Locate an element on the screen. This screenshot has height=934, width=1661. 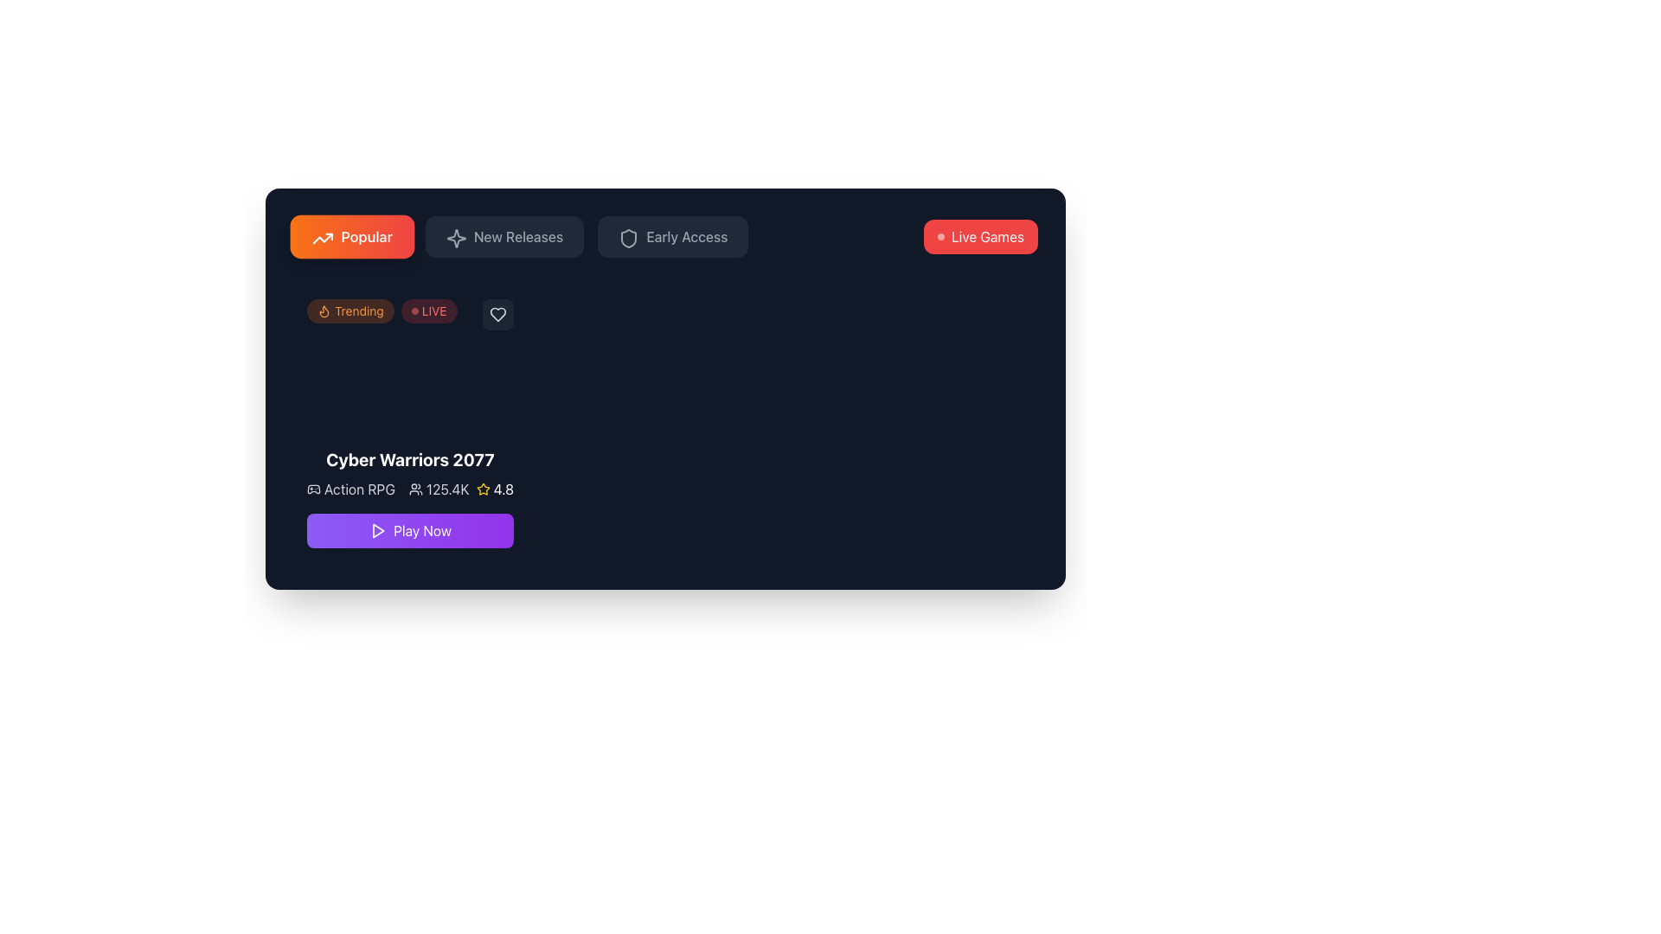
the flame-shaped icon in the horizontal menu located near the top-left of the interface is located at coordinates (324, 310).